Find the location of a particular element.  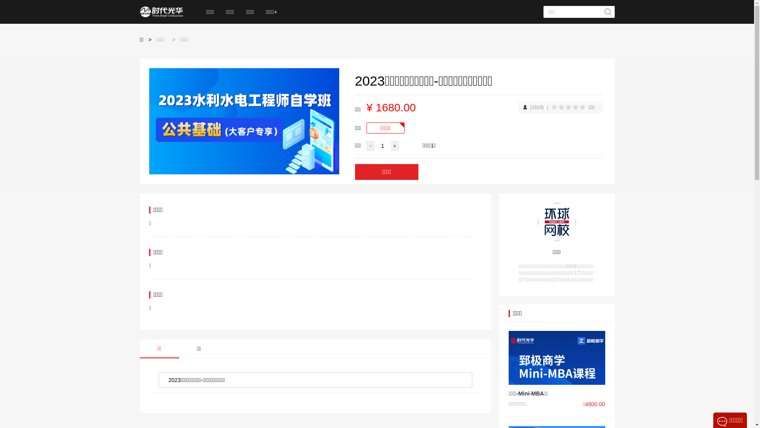

'-' is located at coordinates (370, 145).